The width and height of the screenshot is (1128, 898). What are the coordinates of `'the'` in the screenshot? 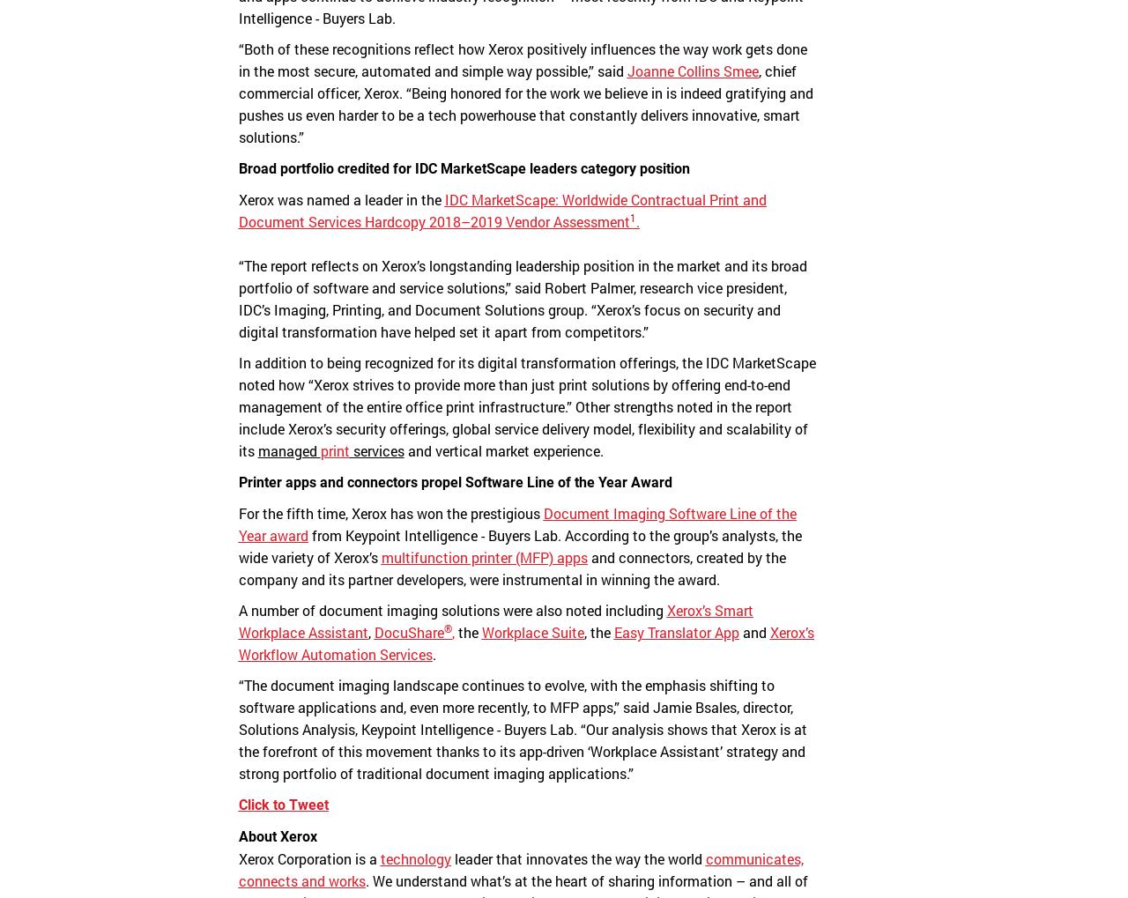 It's located at (467, 632).